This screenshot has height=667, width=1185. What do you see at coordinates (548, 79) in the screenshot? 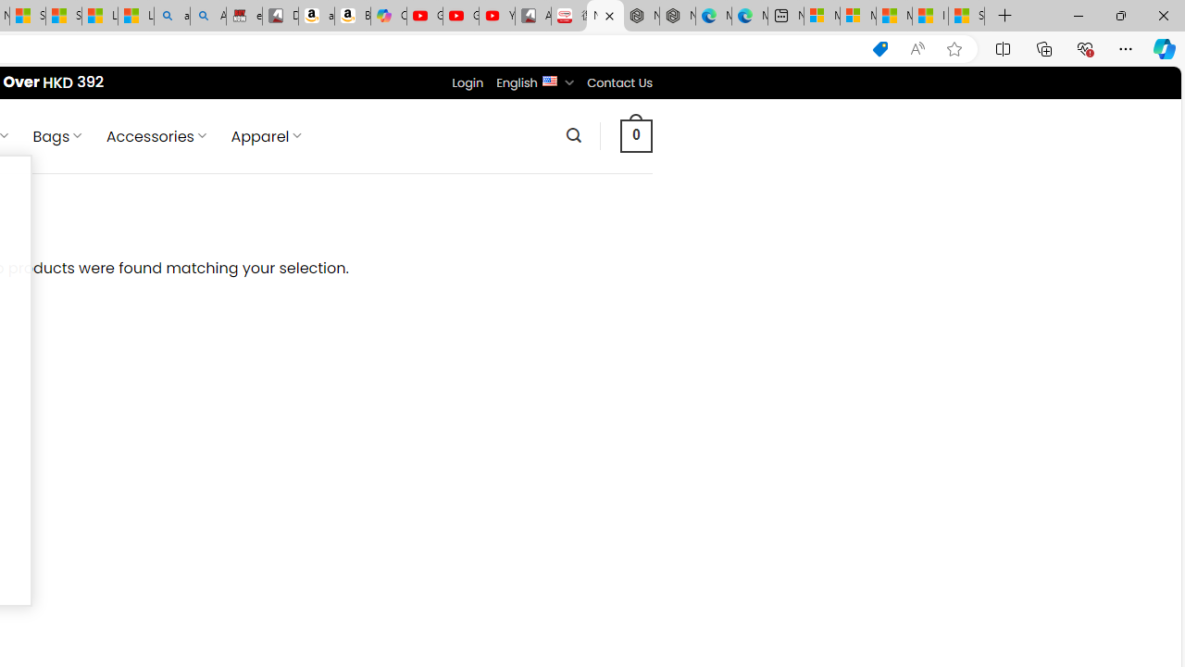
I see `'English'` at bounding box center [548, 79].